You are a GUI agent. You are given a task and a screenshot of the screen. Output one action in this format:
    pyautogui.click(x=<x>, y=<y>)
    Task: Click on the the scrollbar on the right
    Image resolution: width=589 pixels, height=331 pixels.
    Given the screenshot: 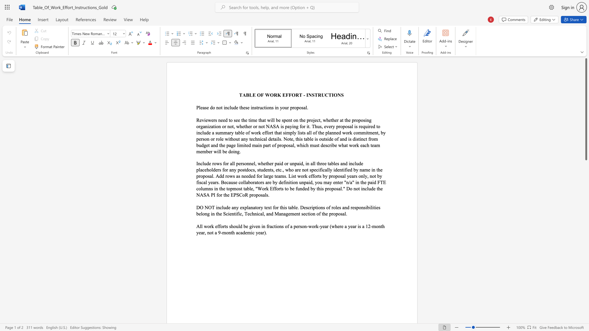 What is the action you would take?
    pyautogui.click(x=586, y=177)
    